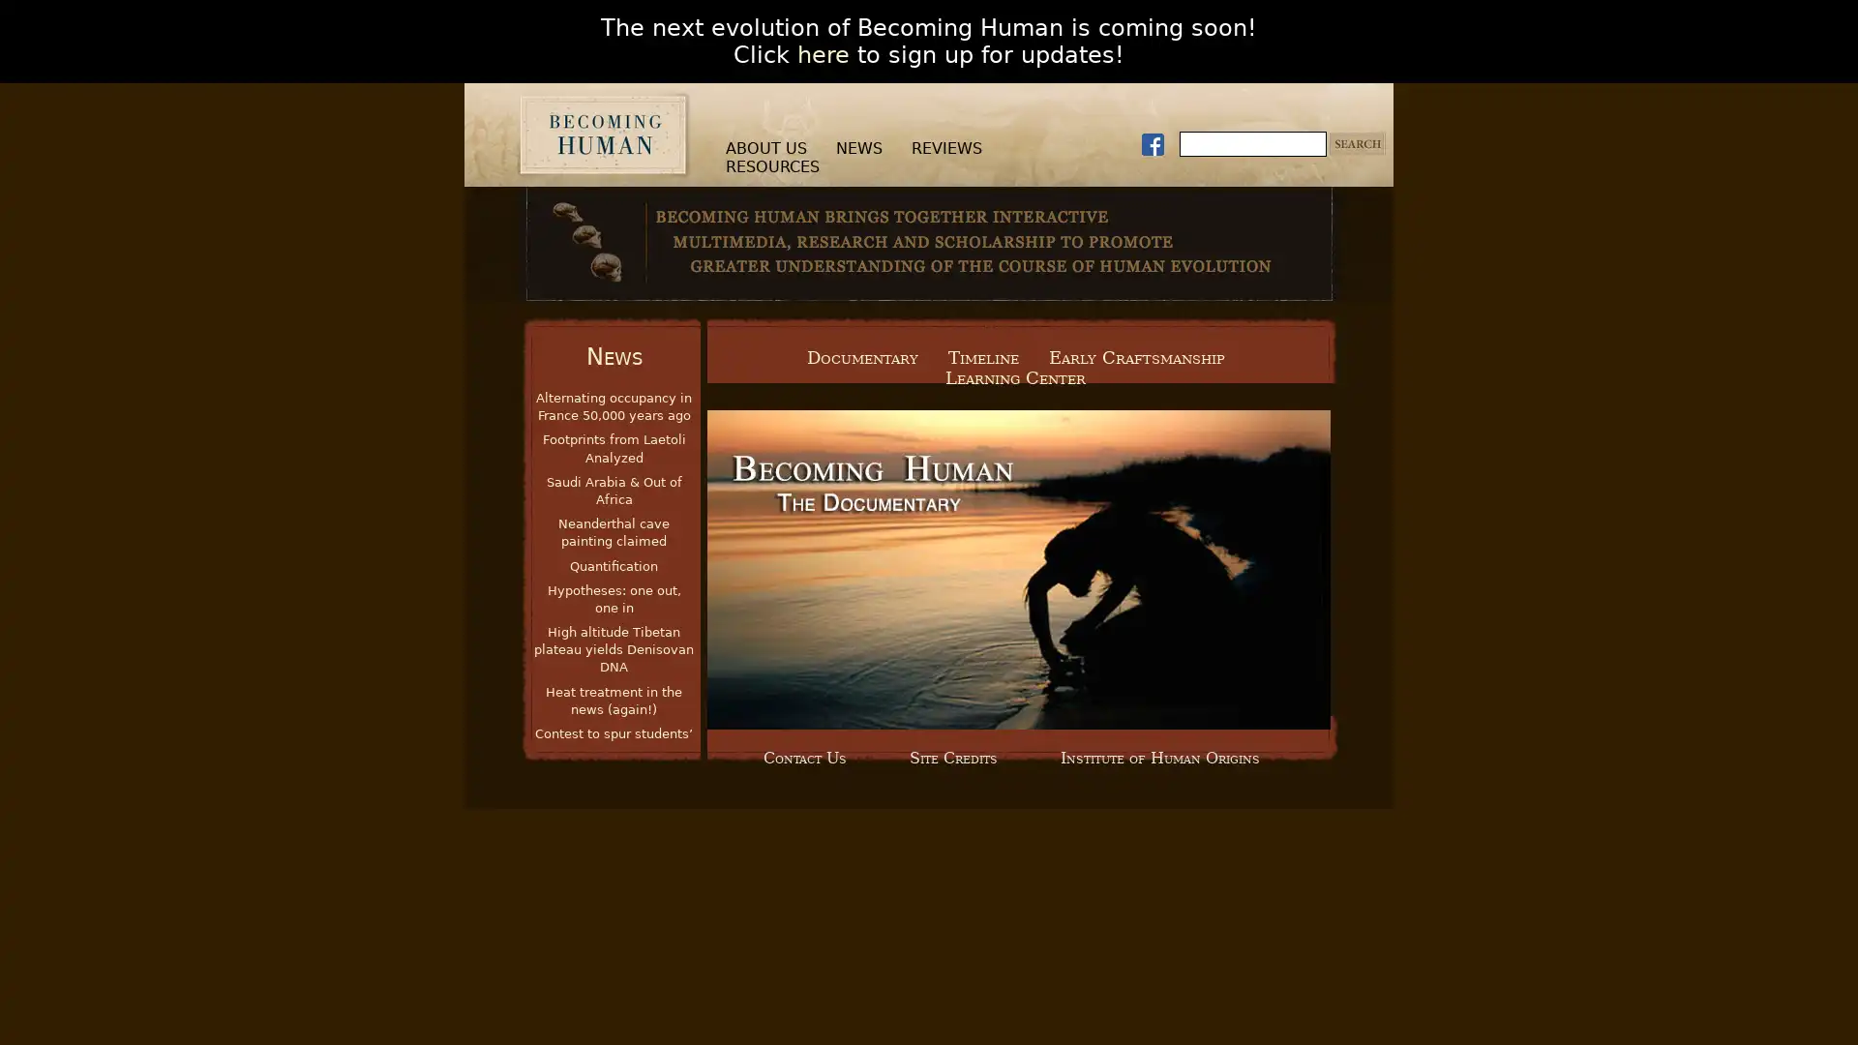 This screenshot has height=1045, width=1858. I want to click on Search, so click(1360, 143).